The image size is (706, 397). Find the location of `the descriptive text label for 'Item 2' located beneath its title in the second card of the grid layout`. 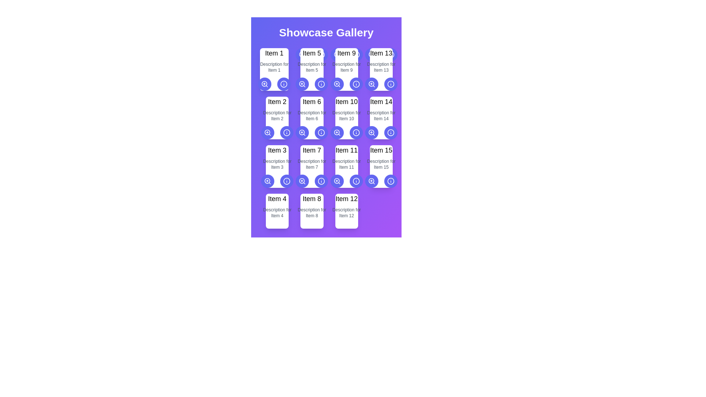

the descriptive text label for 'Item 2' located beneath its title in the second card of the grid layout is located at coordinates (277, 116).